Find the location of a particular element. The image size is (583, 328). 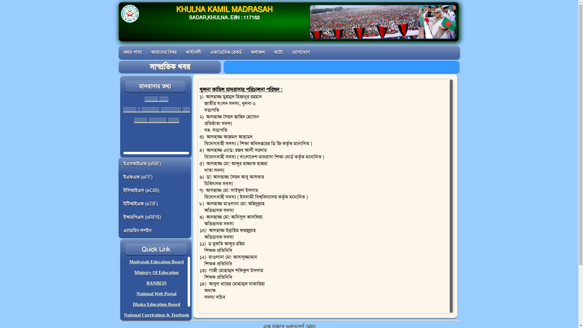

'Dhaka Education Board' is located at coordinates (156, 304).